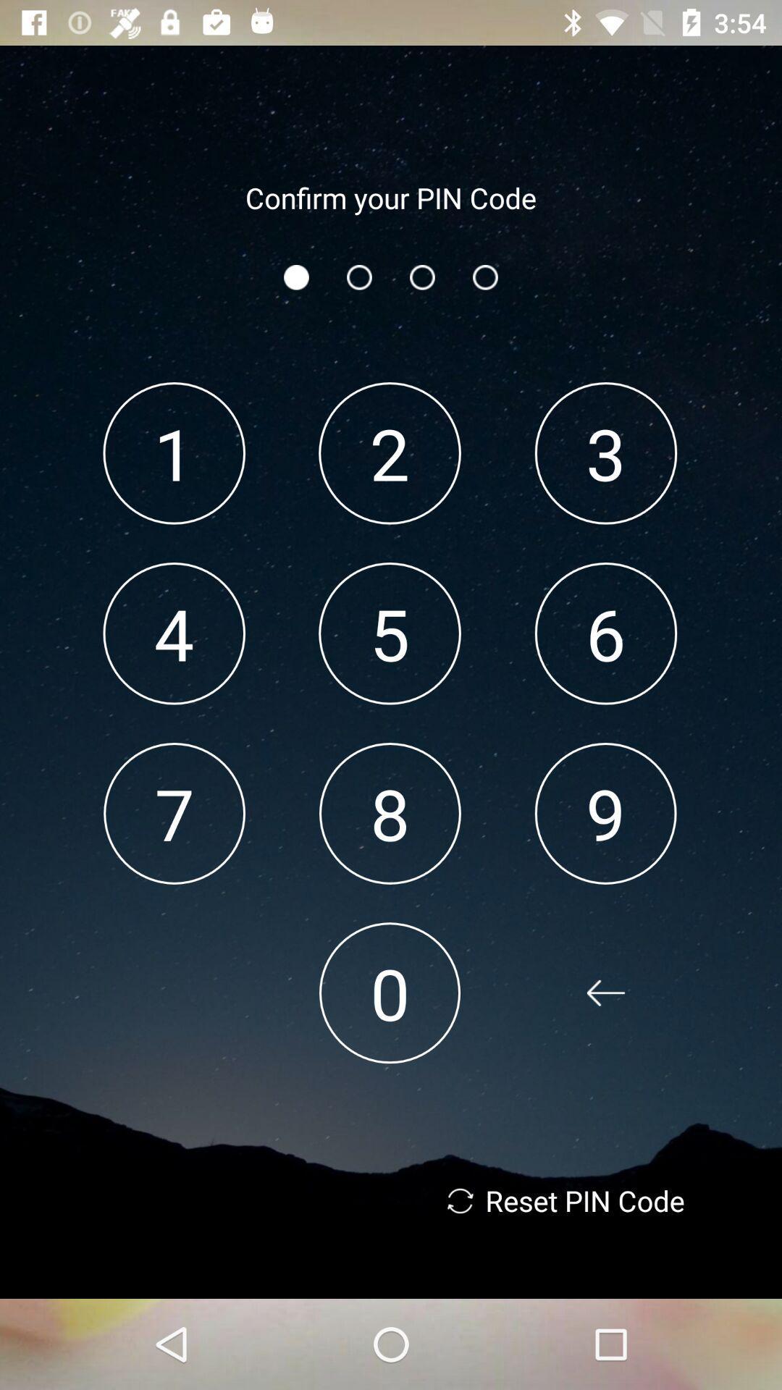  Describe the element at coordinates (606, 452) in the screenshot. I see `3 item` at that location.